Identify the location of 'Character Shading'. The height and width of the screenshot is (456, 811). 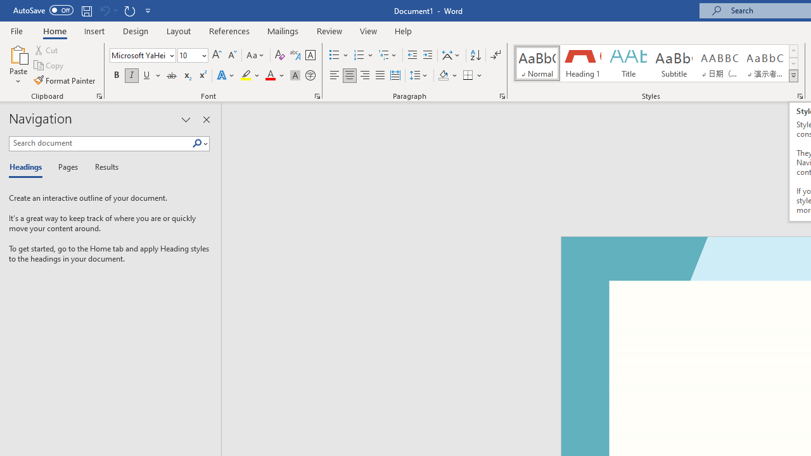
(294, 75).